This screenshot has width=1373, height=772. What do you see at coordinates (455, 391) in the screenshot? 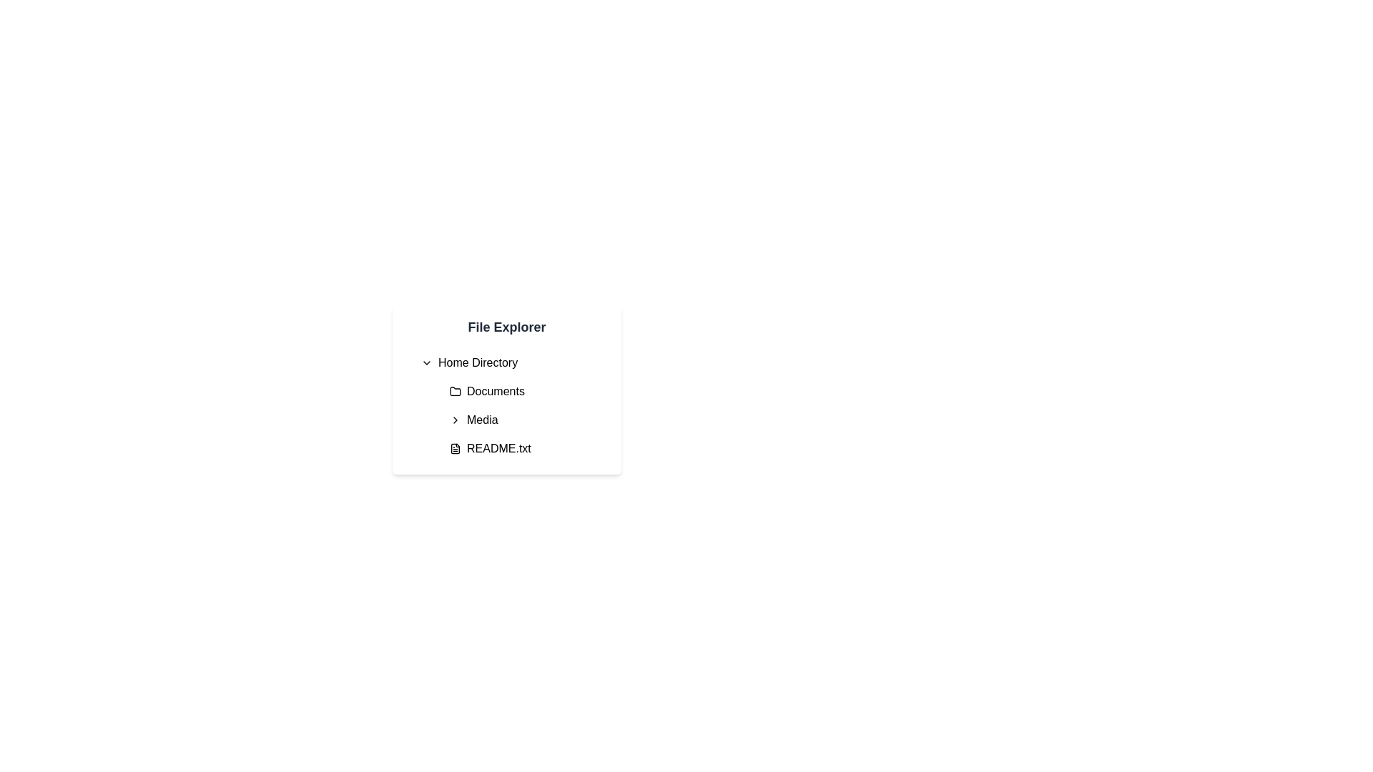
I see `the folder icon in the file explorer, which is located in the second row next to the text 'Documents'` at bounding box center [455, 391].